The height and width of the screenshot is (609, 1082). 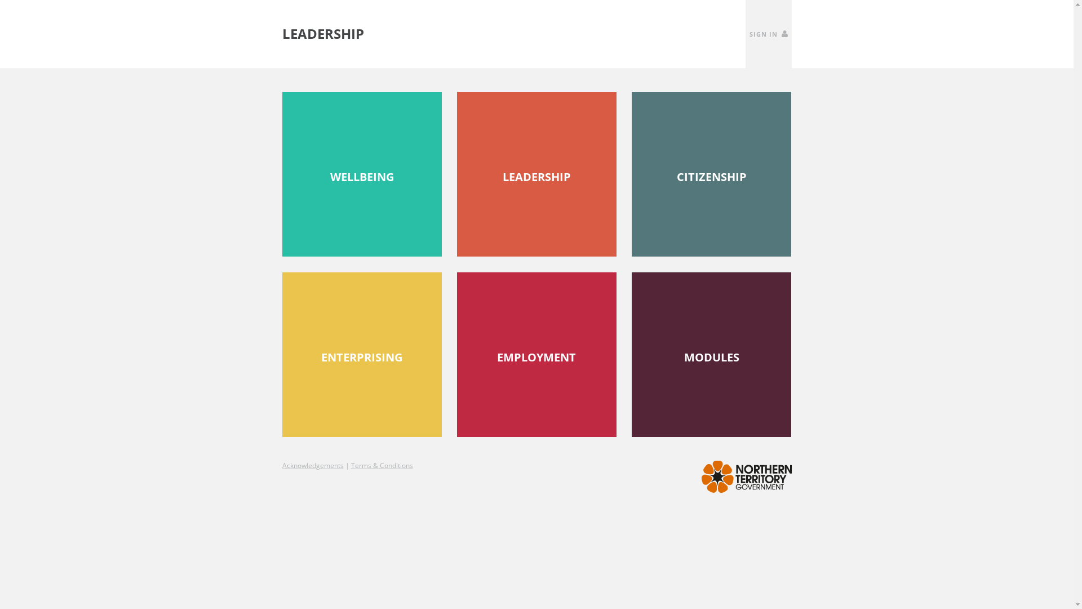 What do you see at coordinates (381, 465) in the screenshot?
I see `'Terms & Conditions'` at bounding box center [381, 465].